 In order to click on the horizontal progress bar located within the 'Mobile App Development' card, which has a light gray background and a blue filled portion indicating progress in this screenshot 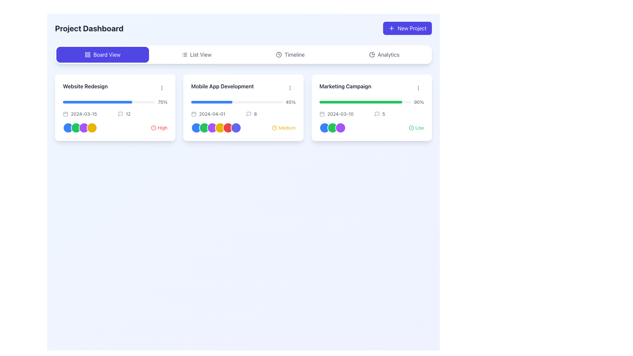, I will do `click(237, 102)`.